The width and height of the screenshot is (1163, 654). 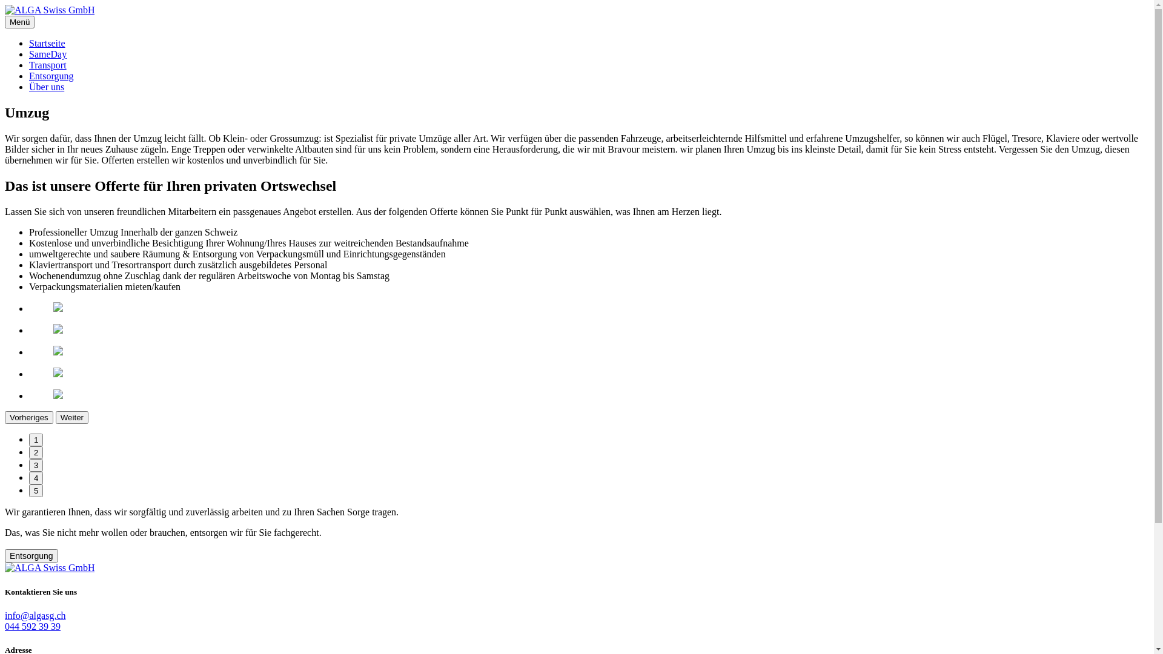 I want to click on 'Entsorgung', so click(x=31, y=556).